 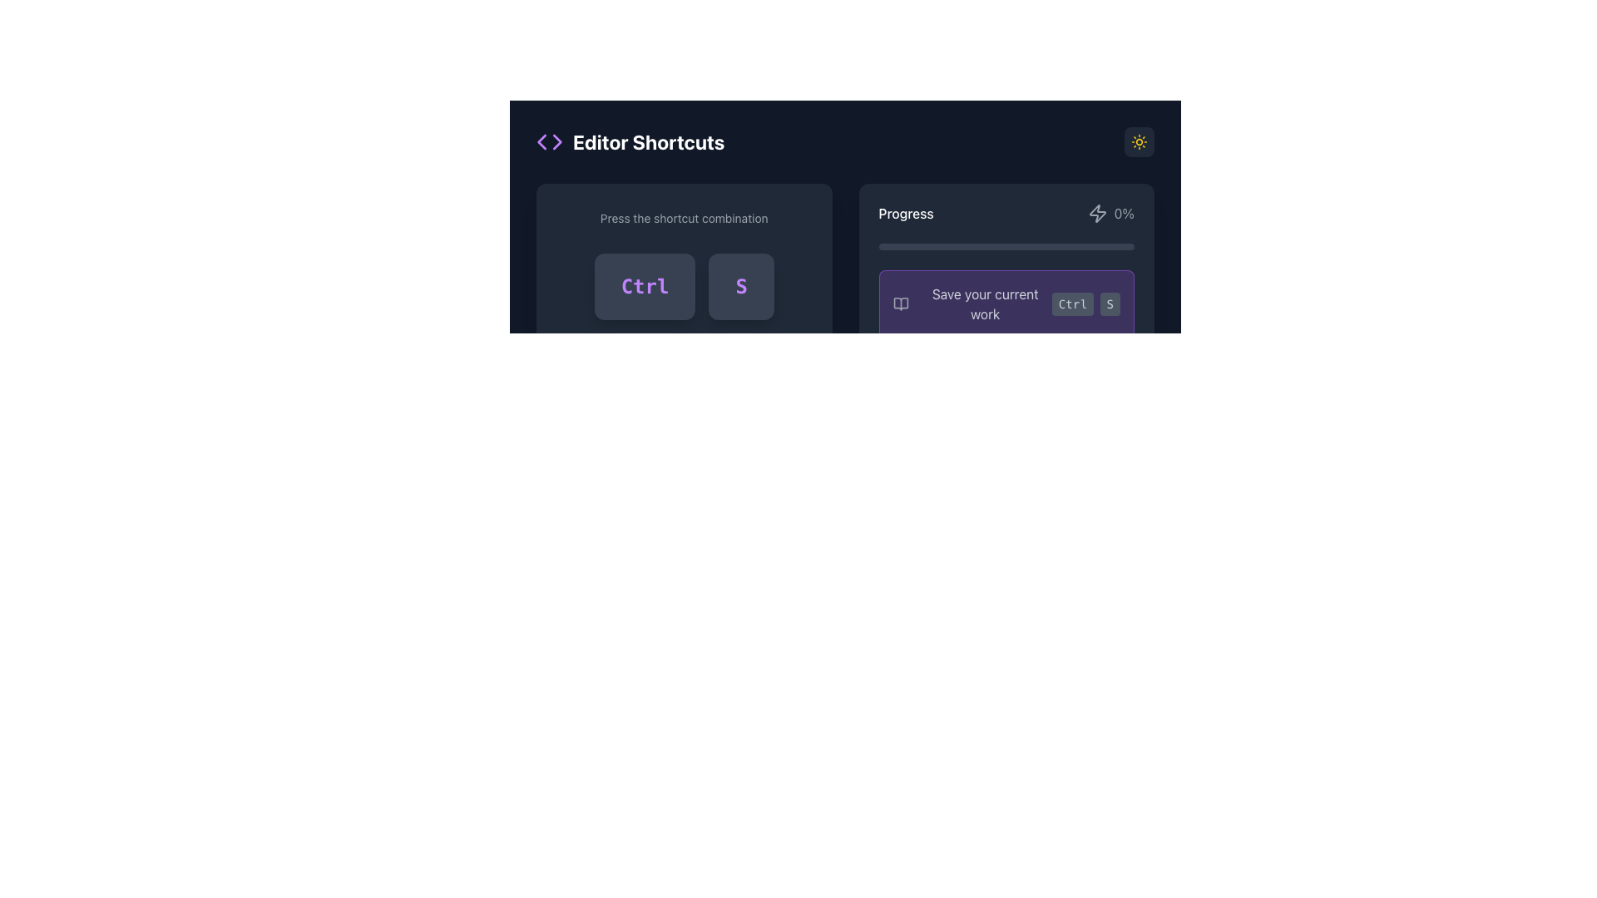 I want to click on the graphical SVG icon that visually represents the action 'Save your current work', located to the left of the associated text, so click(x=900, y=304).